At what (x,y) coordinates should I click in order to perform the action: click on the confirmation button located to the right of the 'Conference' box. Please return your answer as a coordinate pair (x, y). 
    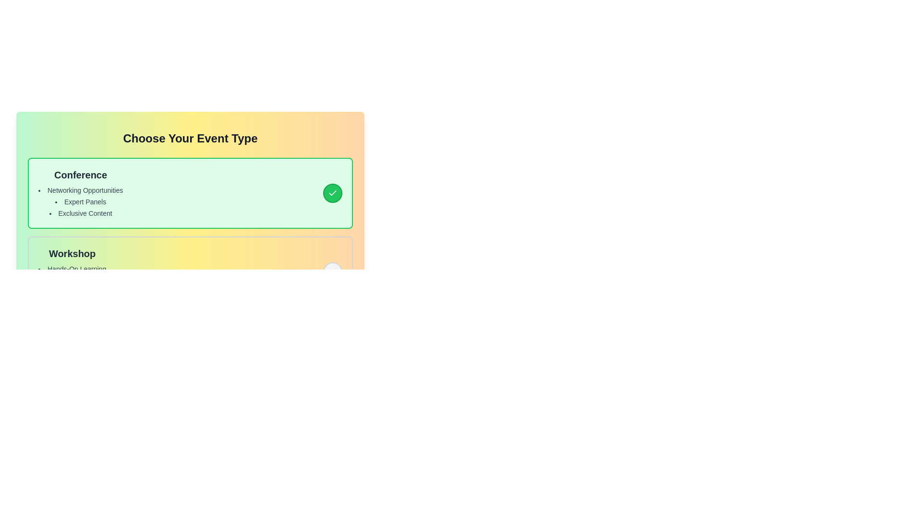
    Looking at the image, I should click on (332, 193).